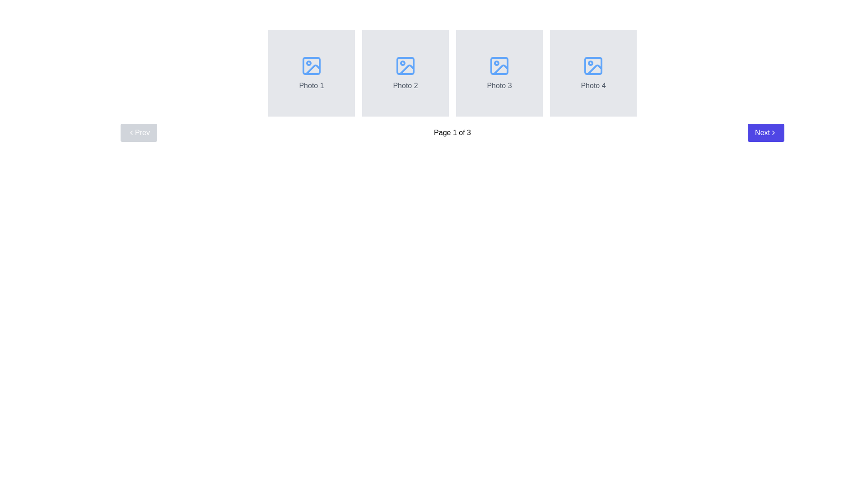 Image resolution: width=867 pixels, height=488 pixels. Describe the element at coordinates (499, 66) in the screenshot. I see `the light blue rectangular component with rounded corners inside the 'Photo 3' SVG icon, which is part of a landscape representation` at that location.